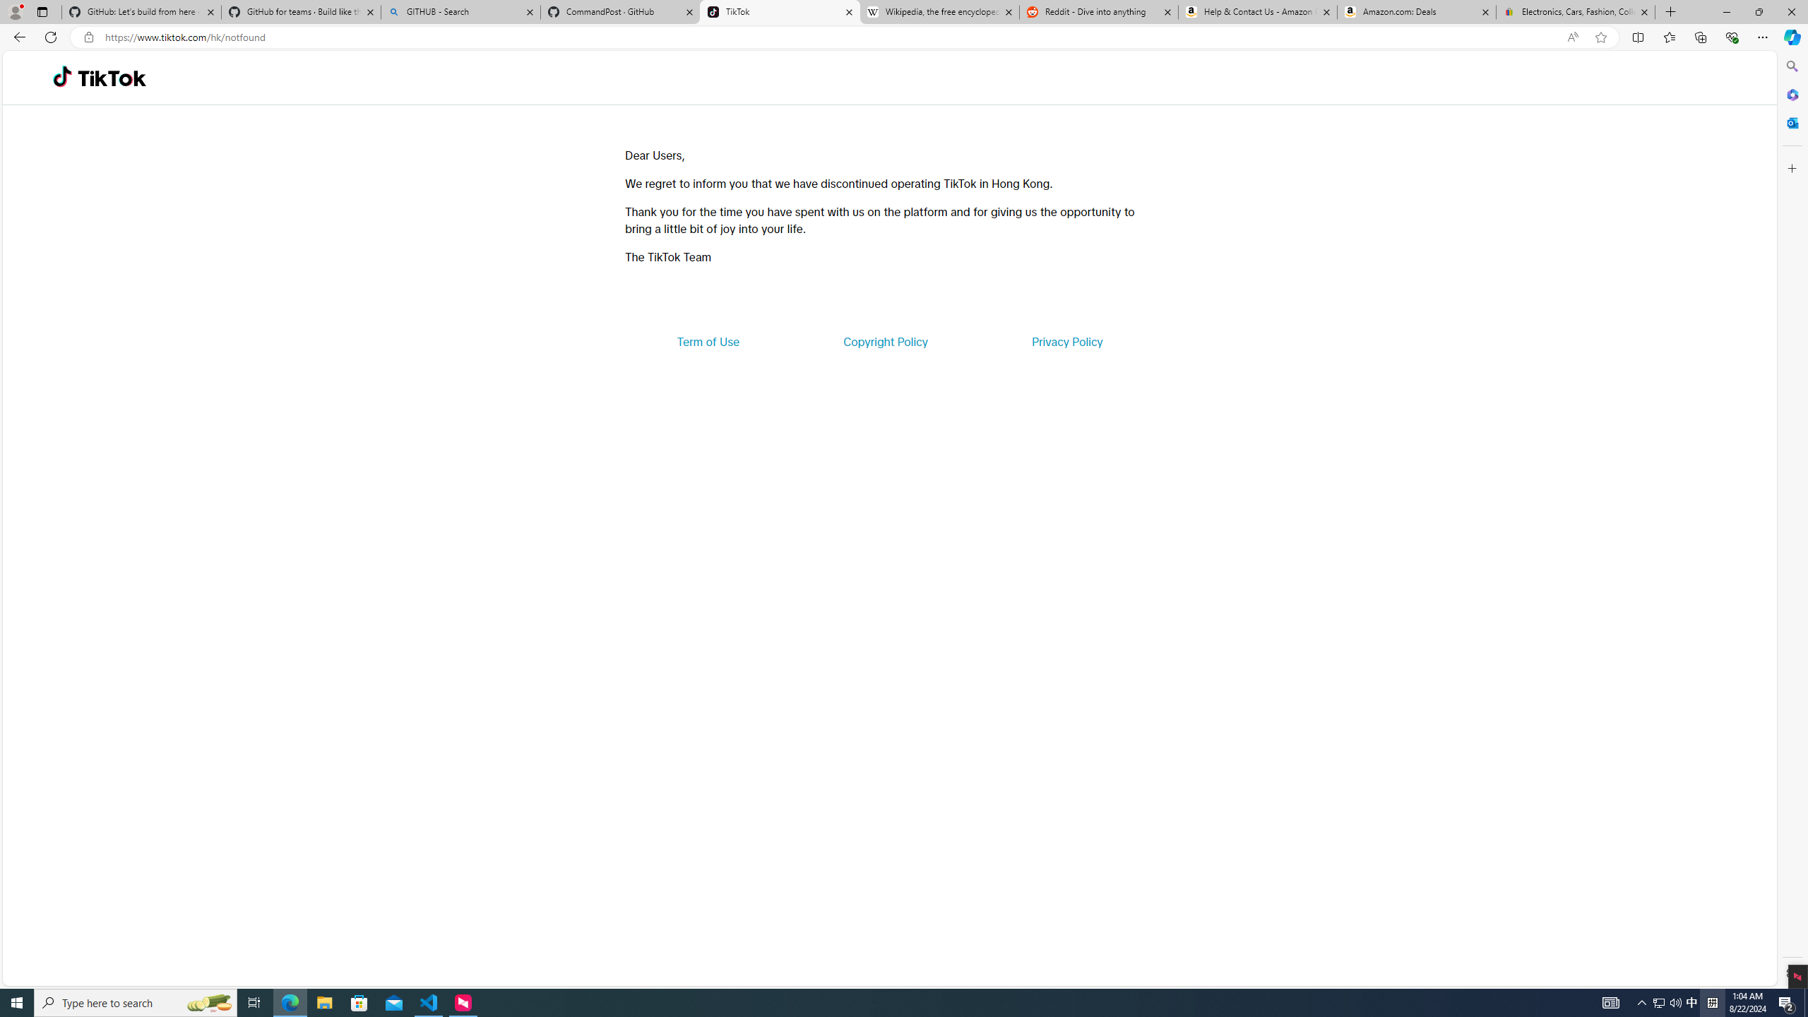 This screenshot has height=1017, width=1808. Describe the element at coordinates (708, 340) in the screenshot. I see `'Term of Use'` at that location.